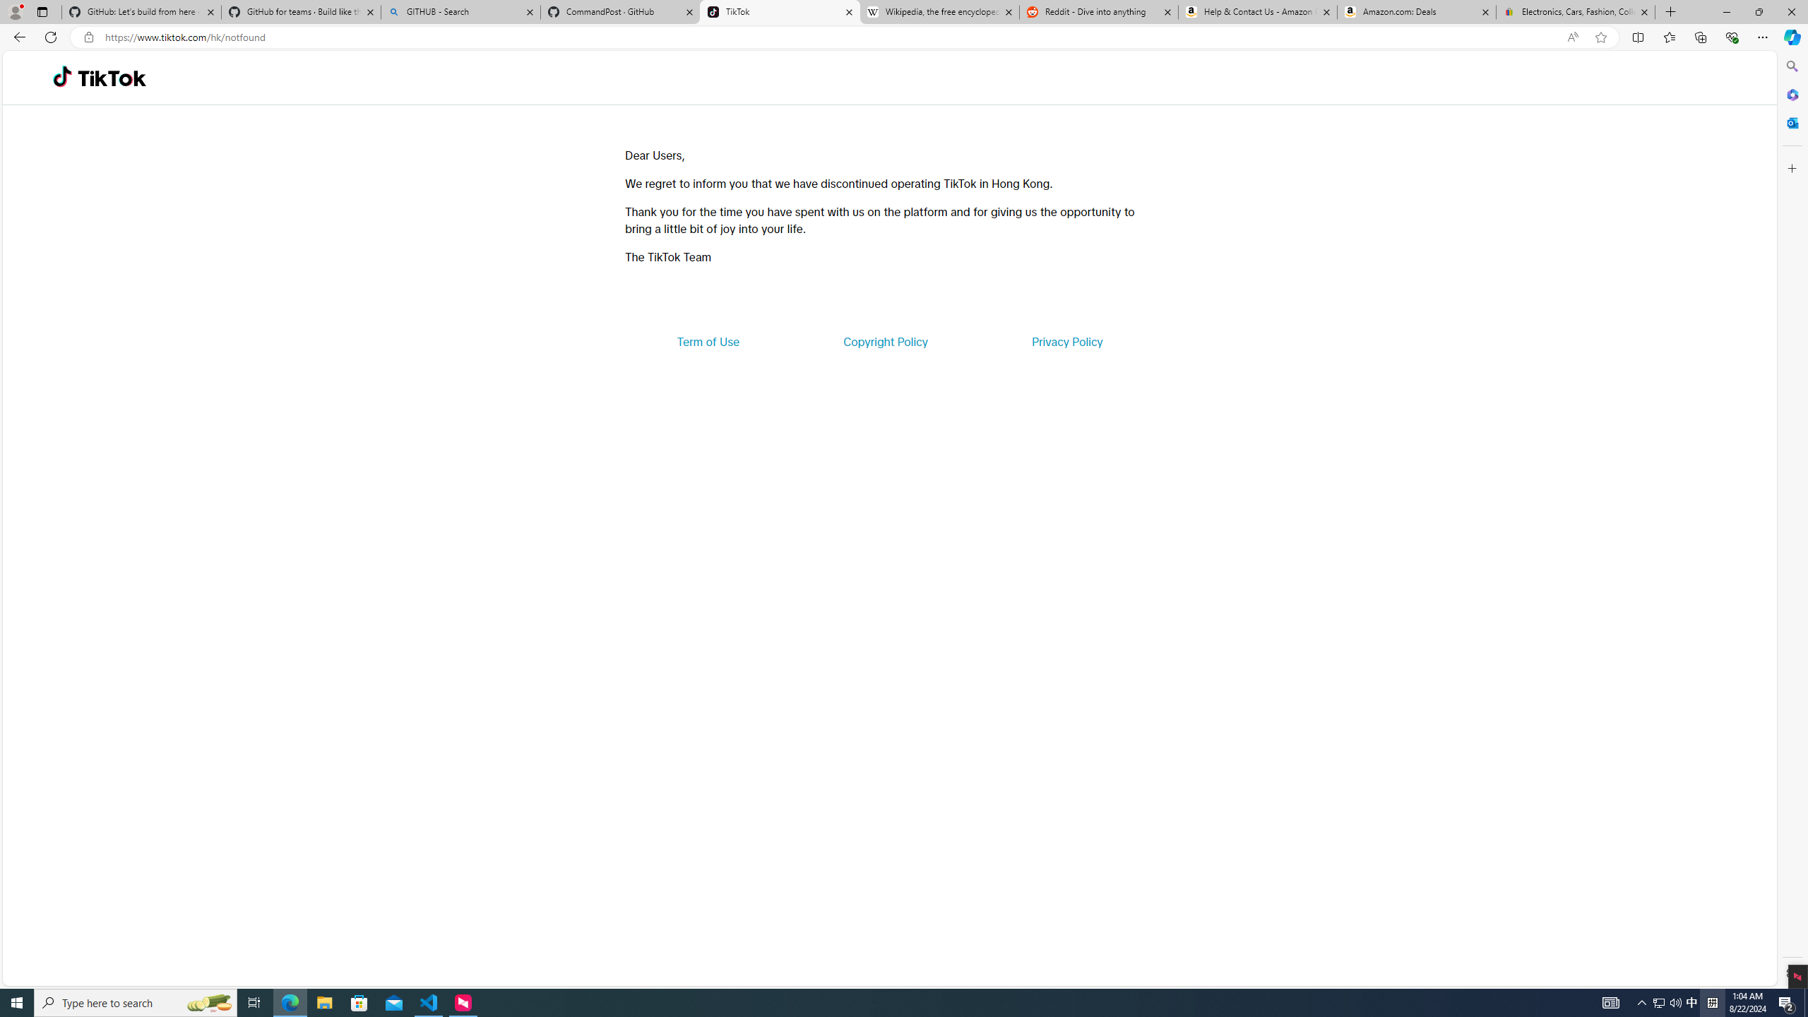 This screenshot has height=1017, width=1808. Describe the element at coordinates (708, 340) in the screenshot. I see `'Term of Use'` at that location.